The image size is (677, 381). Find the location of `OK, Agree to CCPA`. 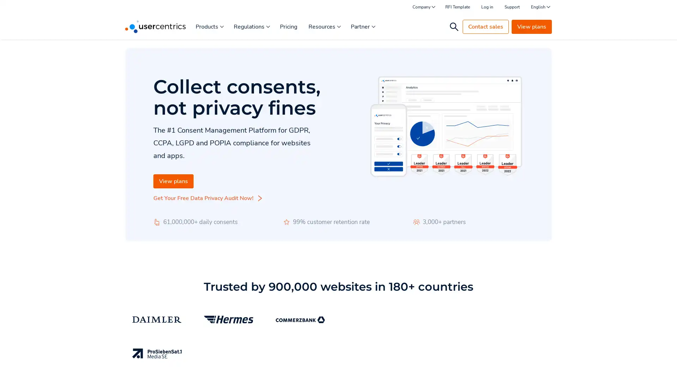

OK, Agree to CCPA is located at coordinates (522, 365).